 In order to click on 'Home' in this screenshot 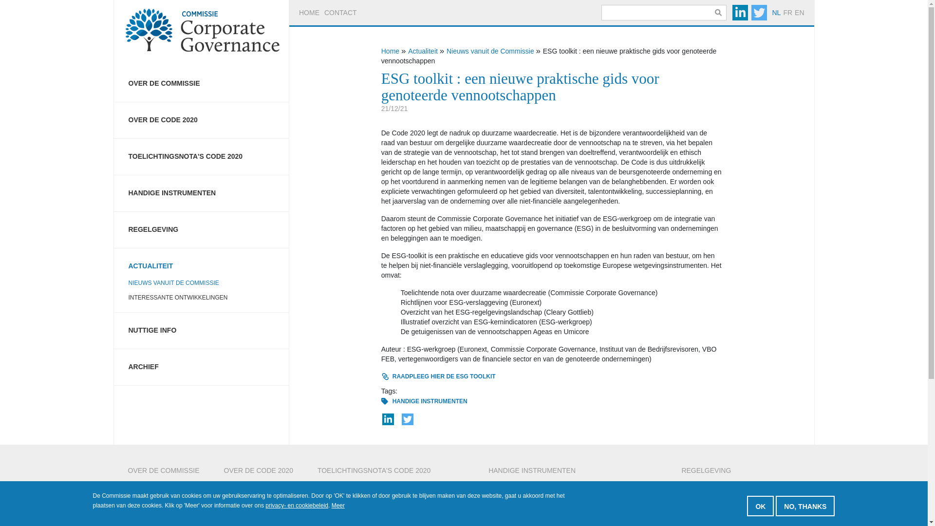, I will do `click(380, 51)`.